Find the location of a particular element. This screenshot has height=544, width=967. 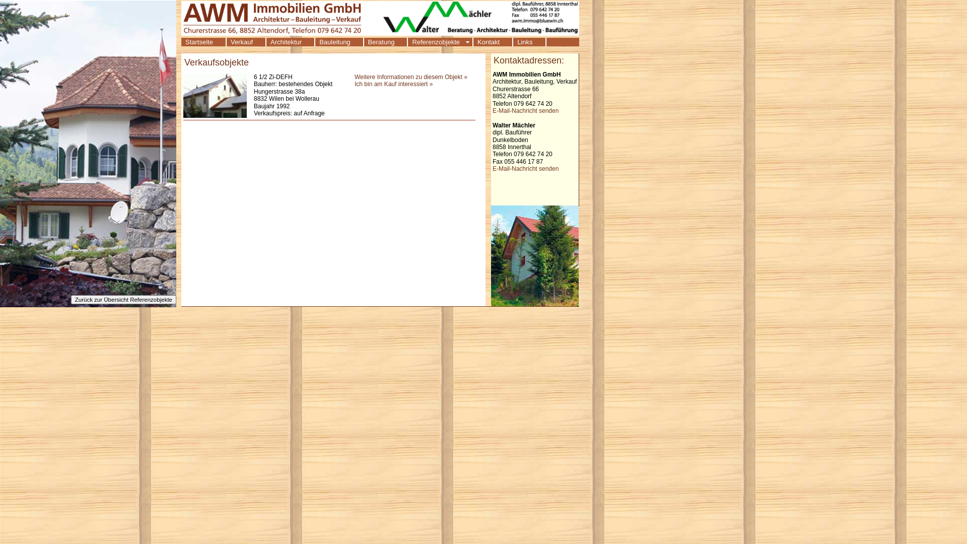

'E-Mail-Nachricht senden' is located at coordinates (493, 110).